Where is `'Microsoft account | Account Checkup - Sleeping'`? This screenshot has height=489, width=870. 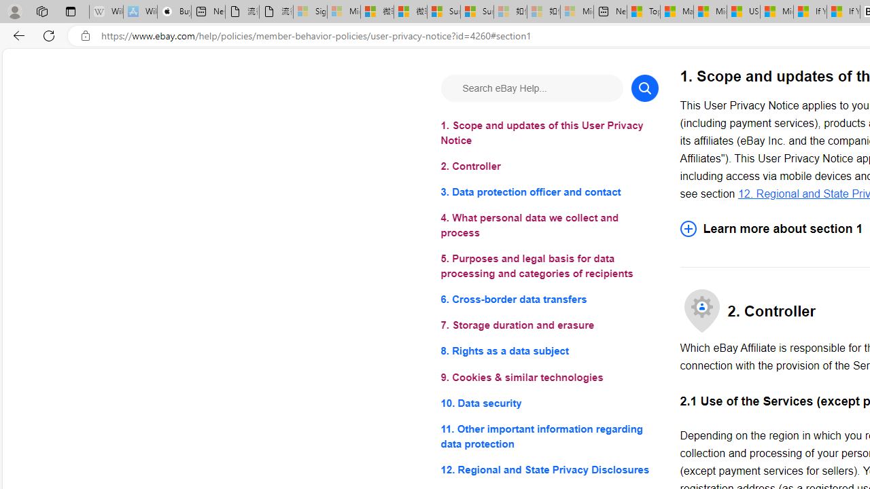
'Microsoft account | Account Checkup - Sleeping' is located at coordinates (577, 12).